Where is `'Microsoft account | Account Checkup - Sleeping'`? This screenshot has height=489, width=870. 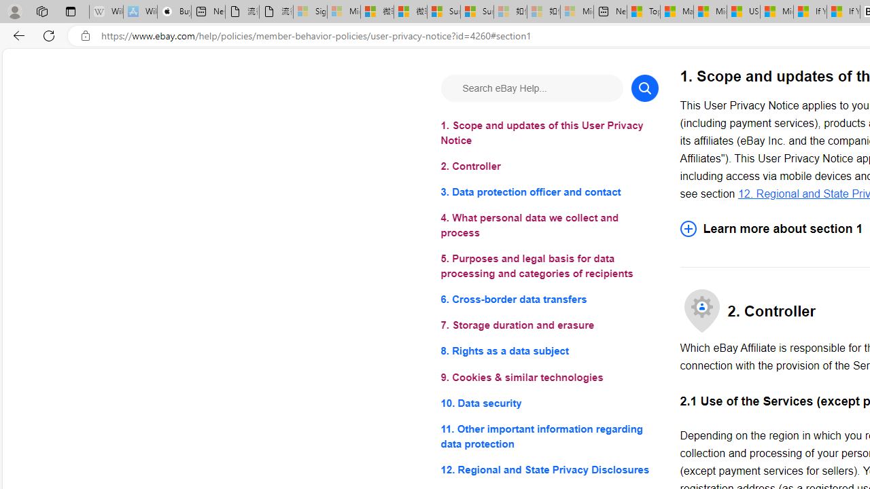
'Microsoft account | Account Checkup - Sleeping' is located at coordinates (577, 12).